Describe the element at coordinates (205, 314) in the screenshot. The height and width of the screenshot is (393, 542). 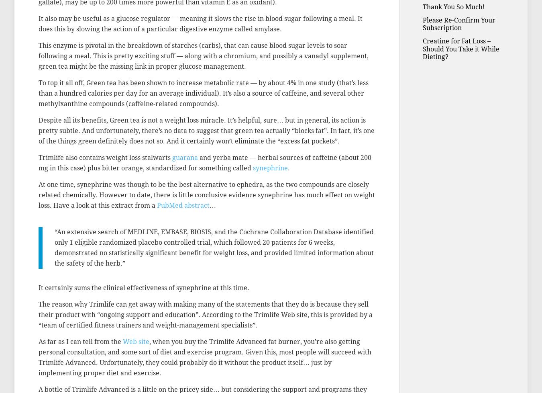
I see `'The reason why Trimlife can get away with making many of the statements that they do is because they sell their product with “ongoing support and education”. According to the Trimlife Web site, this is provided by a “team of certified fitness trainers and weight-management specialists”.'` at that location.